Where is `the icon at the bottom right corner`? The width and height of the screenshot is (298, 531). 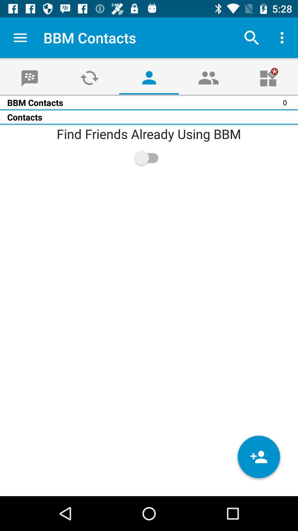 the icon at the bottom right corner is located at coordinates (259, 457).